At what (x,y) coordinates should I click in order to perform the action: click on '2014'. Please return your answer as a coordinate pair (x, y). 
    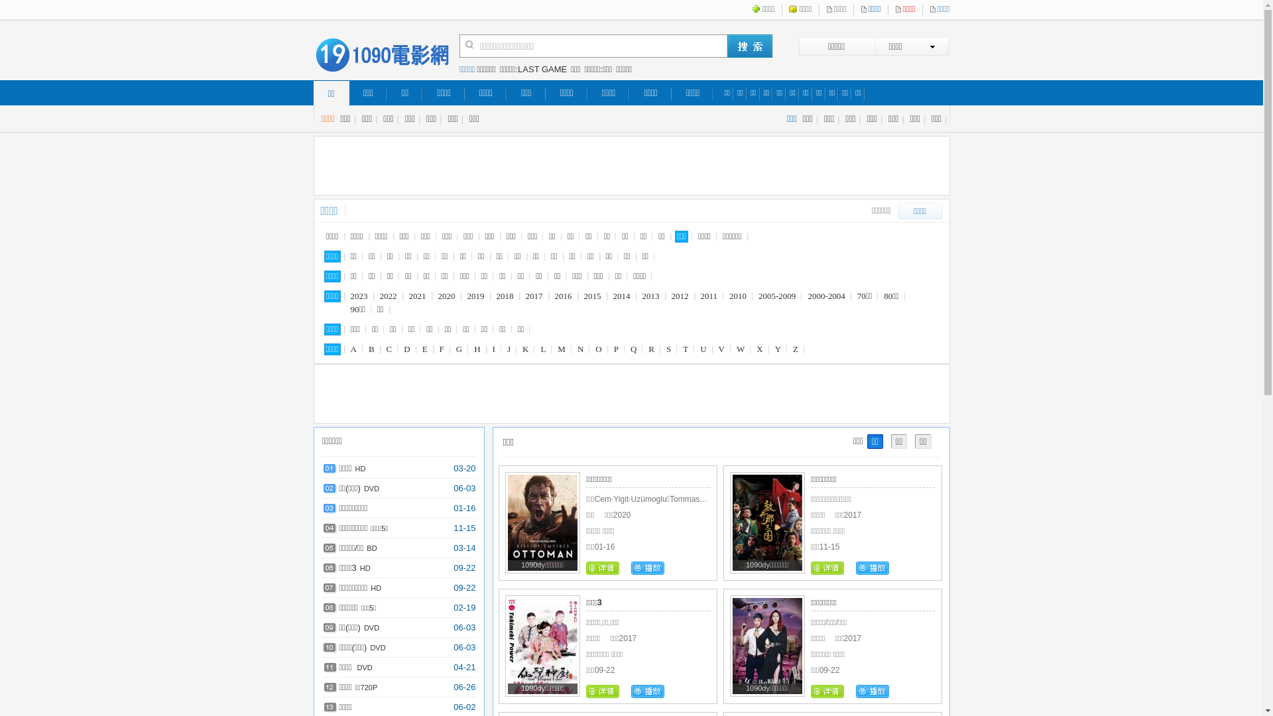
    Looking at the image, I should click on (621, 296).